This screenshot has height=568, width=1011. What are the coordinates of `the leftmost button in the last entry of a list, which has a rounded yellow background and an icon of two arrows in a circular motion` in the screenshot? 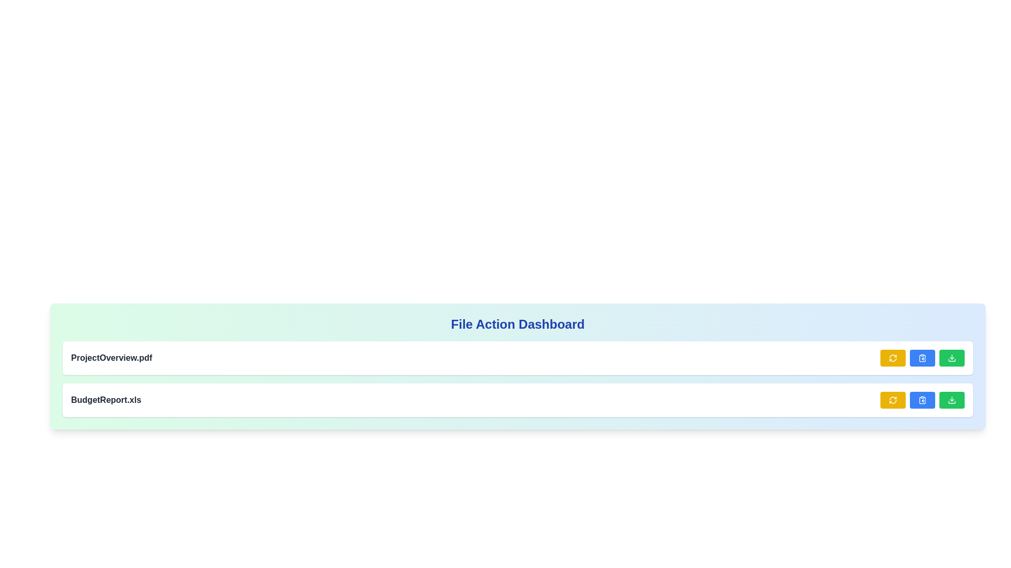 It's located at (892, 400).